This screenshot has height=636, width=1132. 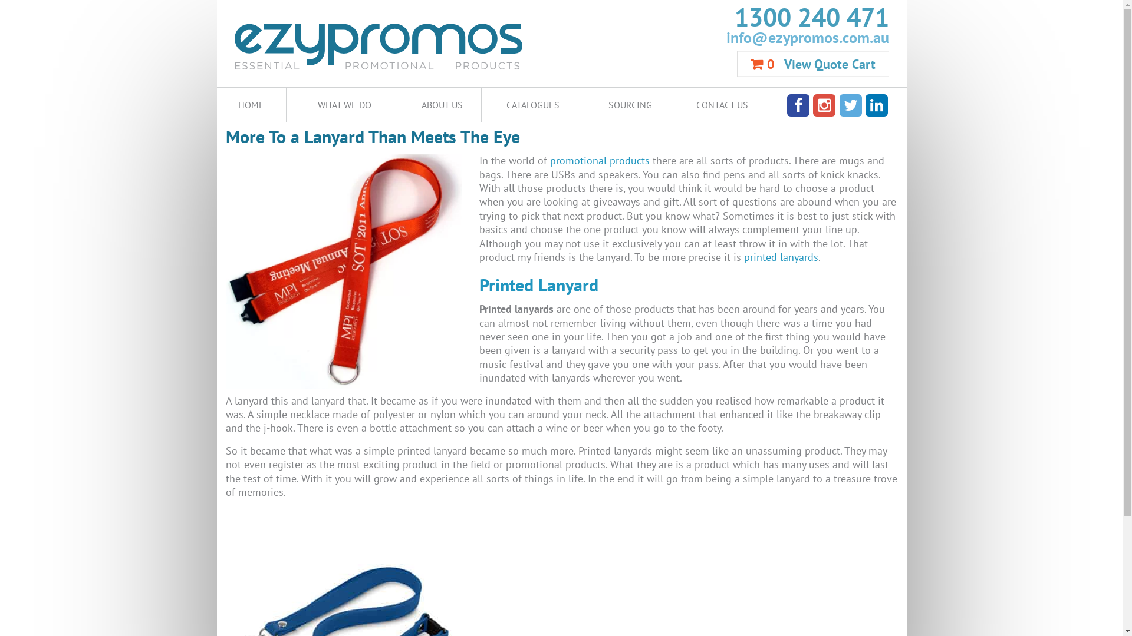 I want to click on '0 View Quote Cart', so click(x=812, y=64).